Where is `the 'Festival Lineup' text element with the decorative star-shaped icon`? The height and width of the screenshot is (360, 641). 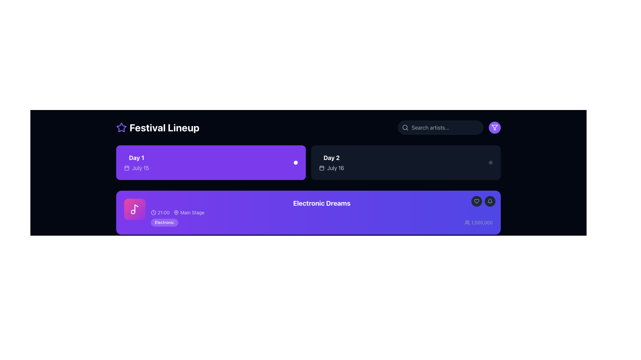
the 'Festival Lineup' text element with the decorative star-shaped icon is located at coordinates (157, 127).